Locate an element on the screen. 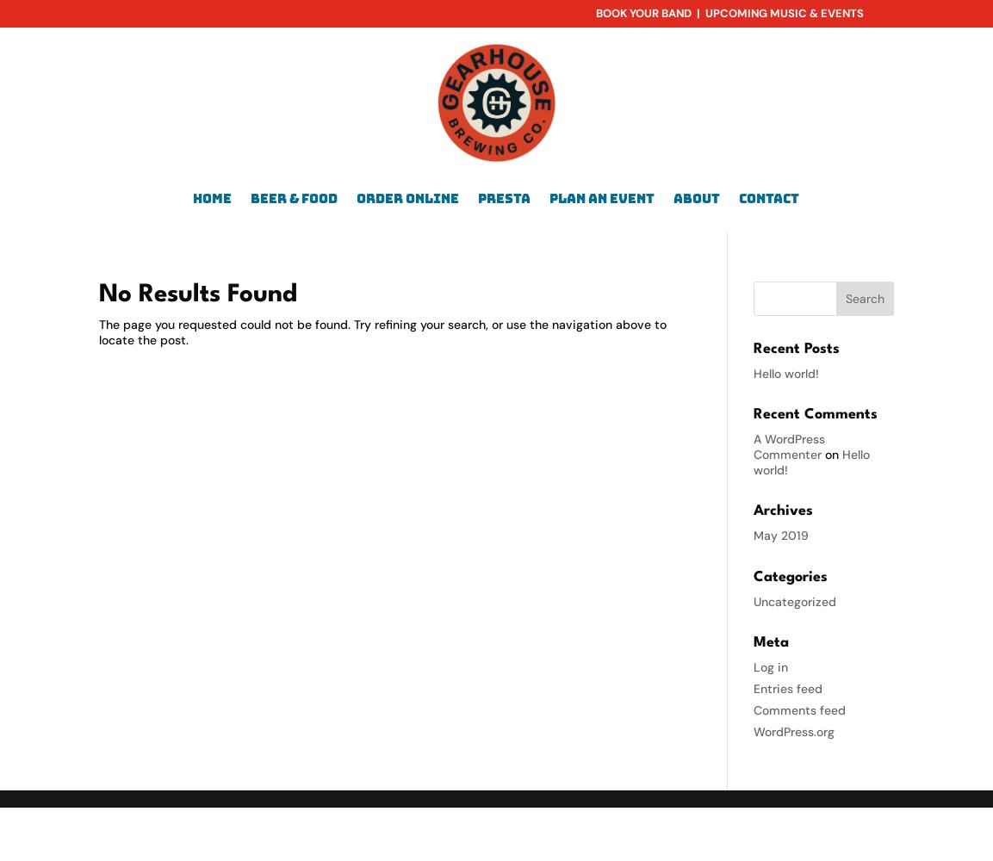  'Log in' is located at coordinates (754, 666).